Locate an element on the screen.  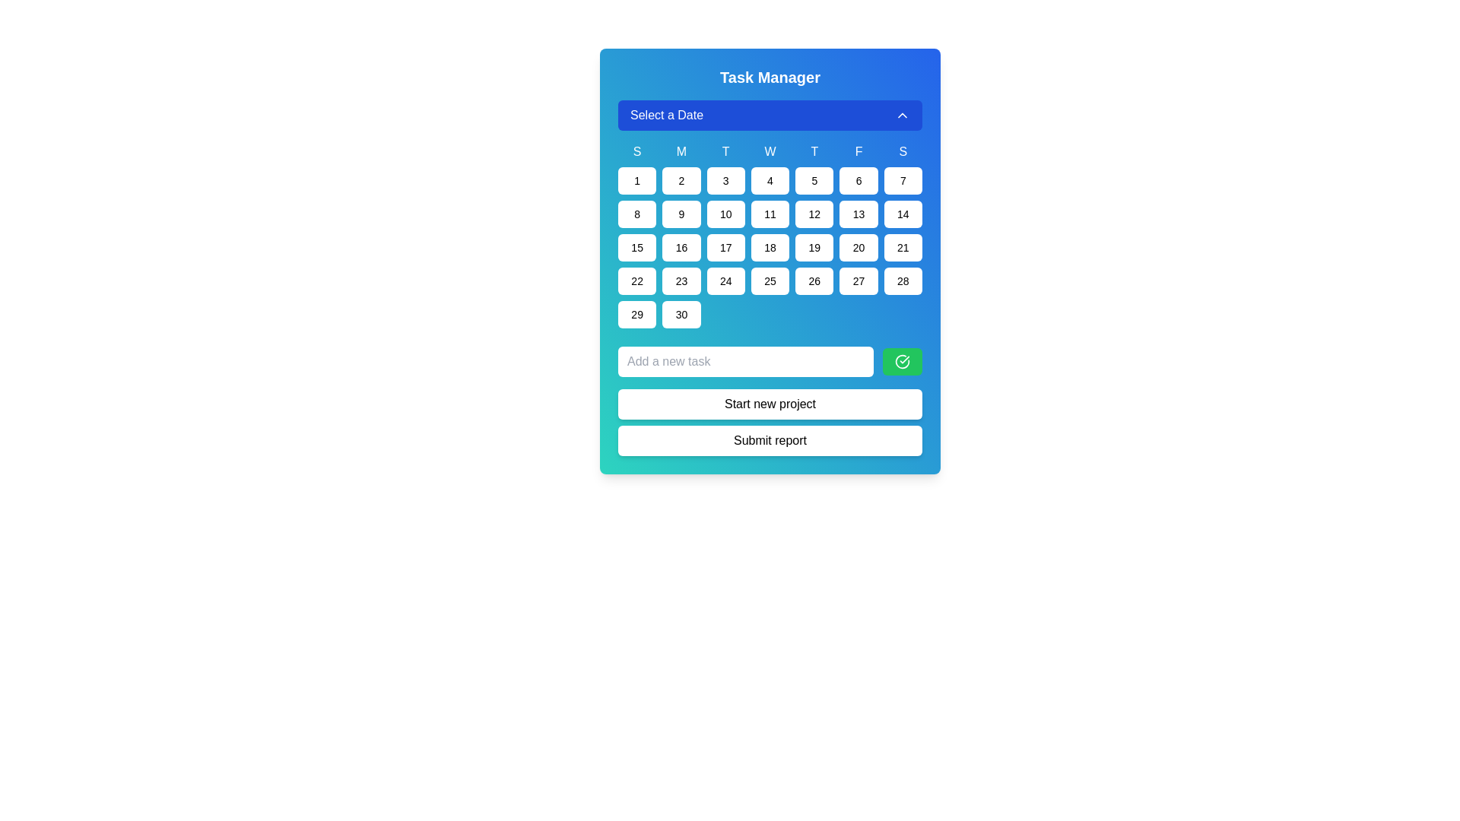
the static text label for 'M' which represents Monday, located under the 'Select a Date' title in the calendar header is located at coordinates (681, 152).